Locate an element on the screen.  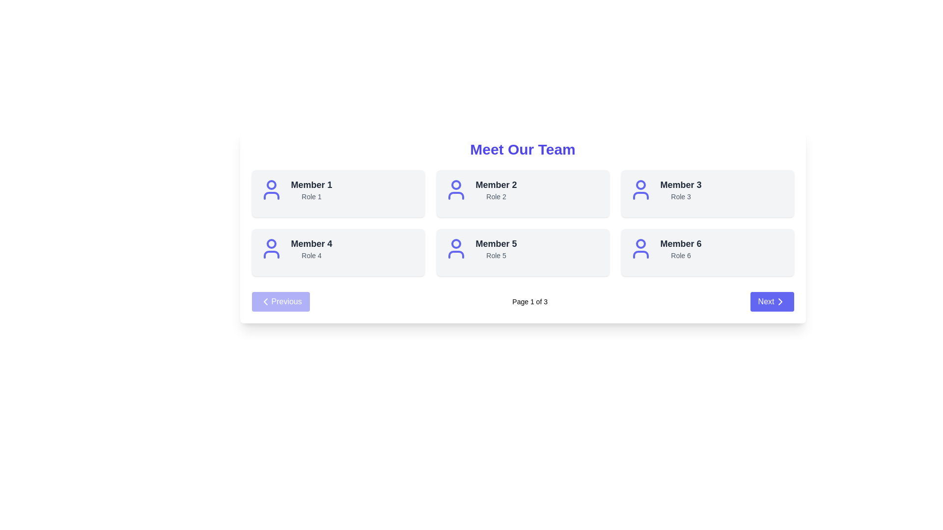
the centered heading labeled 'Meet Our Team' which is styled with bold text and displayed in a vibrant indigo color is located at coordinates (522, 149).